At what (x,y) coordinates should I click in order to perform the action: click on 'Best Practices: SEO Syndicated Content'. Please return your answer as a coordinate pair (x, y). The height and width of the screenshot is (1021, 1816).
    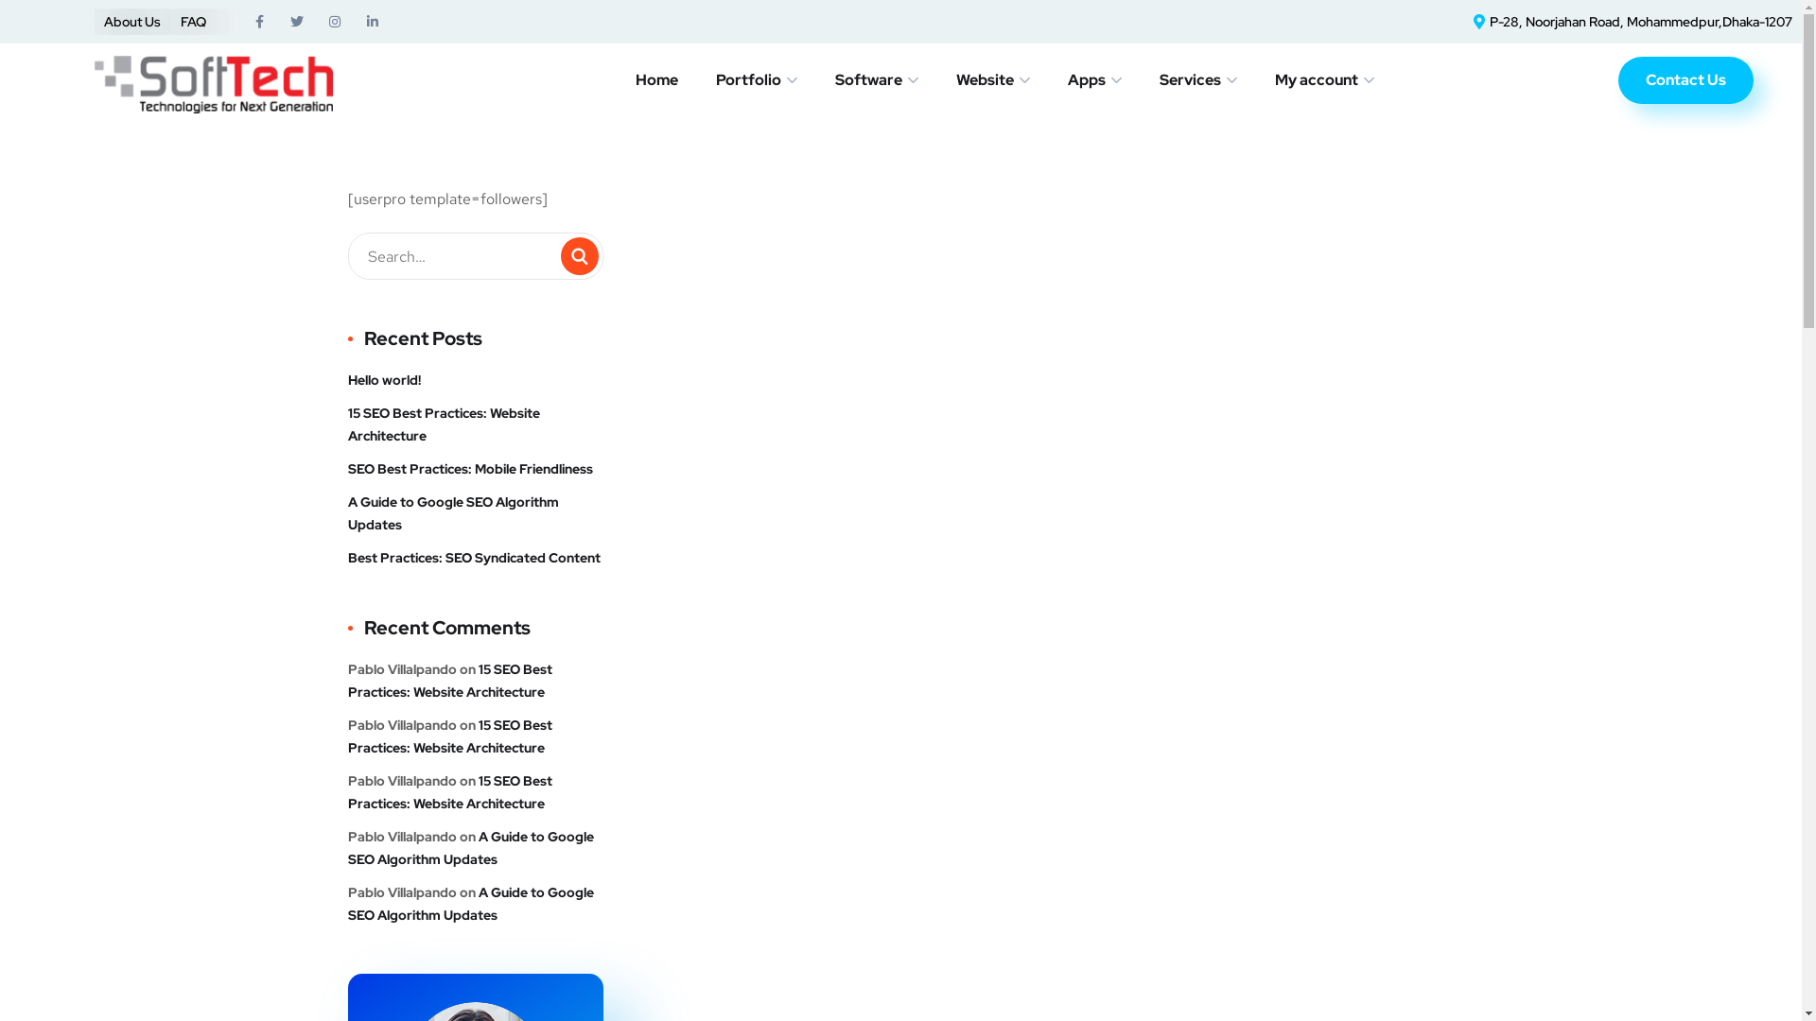
    Looking at the image, I should click on (474, 557).